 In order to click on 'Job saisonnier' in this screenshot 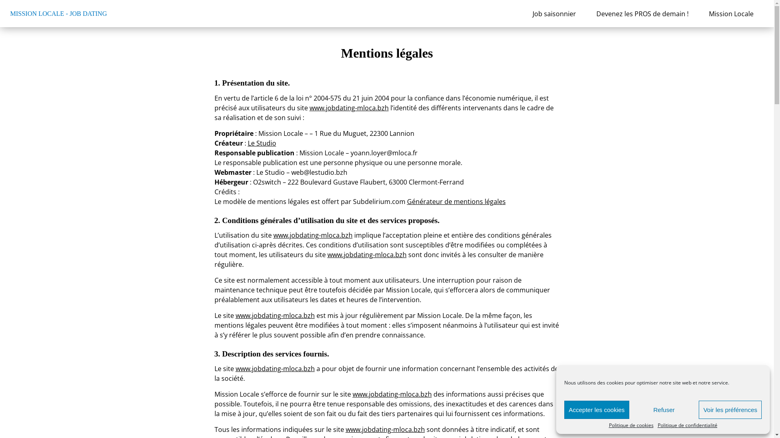, I will do `click(554, 13)`.